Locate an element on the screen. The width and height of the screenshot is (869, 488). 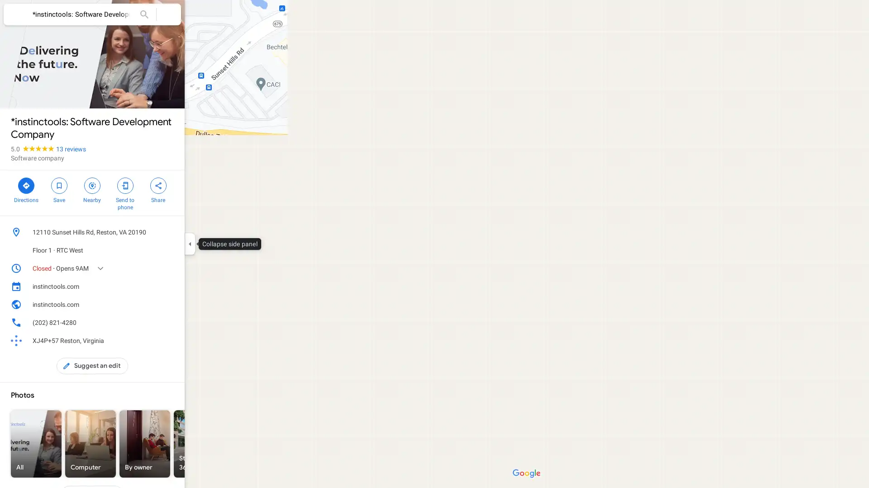
Street View & 360 is located at coordinates (199, 443).